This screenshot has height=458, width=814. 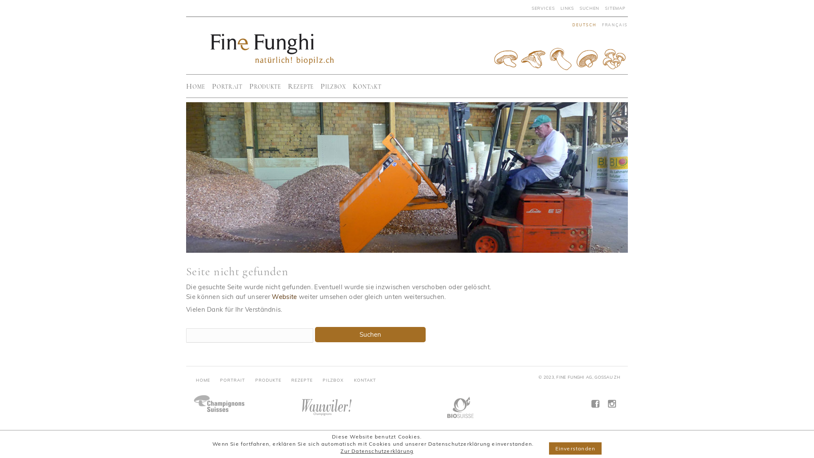 I want to click on 'HOME', so click(x=193, y=380).